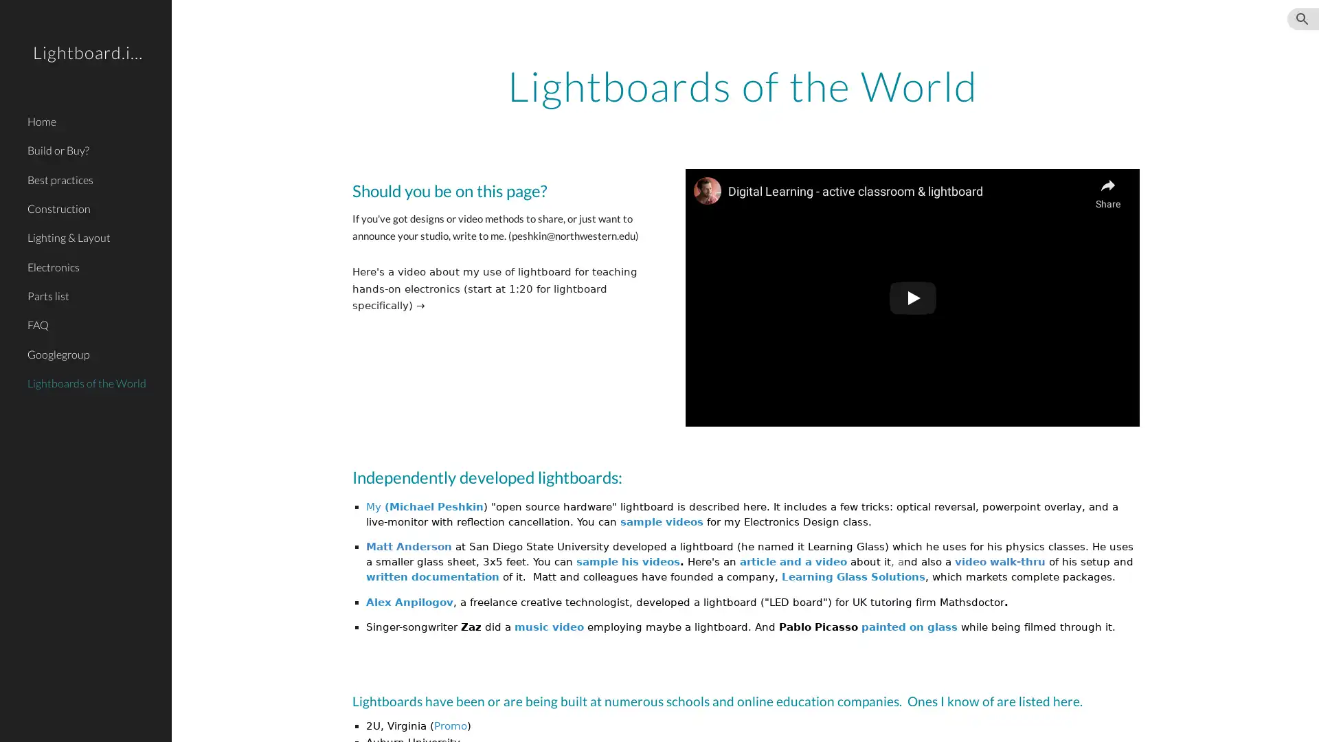 This screenshot has width=1319, height=742. I want to click on Copy heading link, so click(571, 190).